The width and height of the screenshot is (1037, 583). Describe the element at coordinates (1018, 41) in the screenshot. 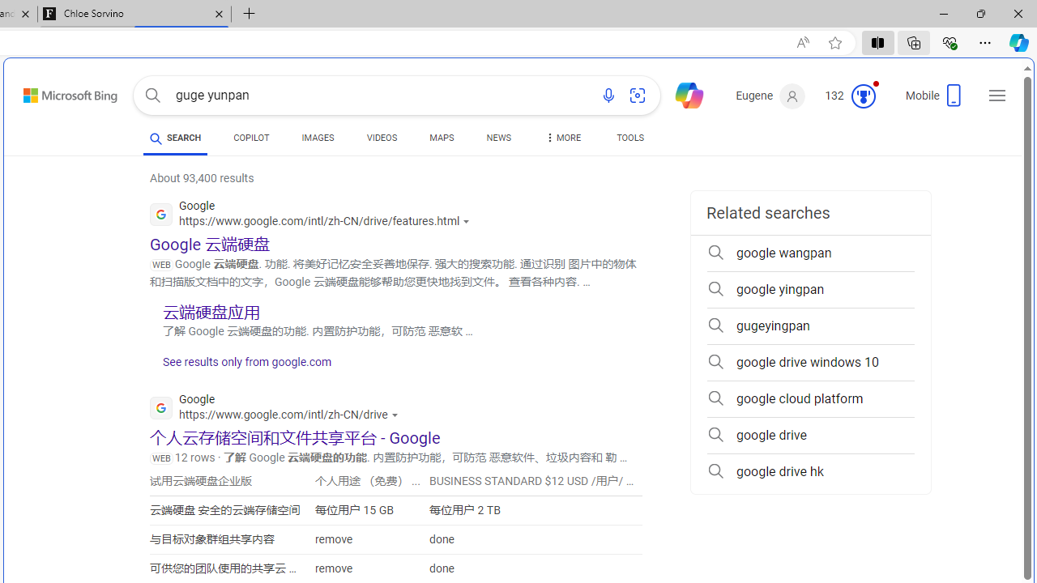

I see `'Copilot (Ctrl+Shift+.)'` at that location.